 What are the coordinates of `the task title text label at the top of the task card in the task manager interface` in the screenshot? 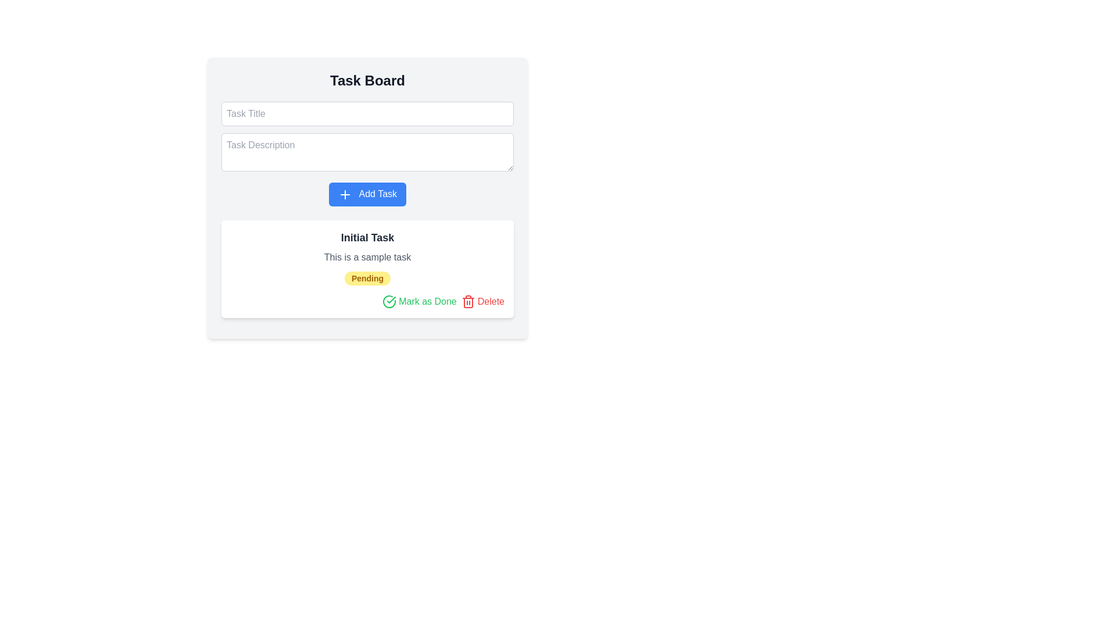 It's located at (367, 237).